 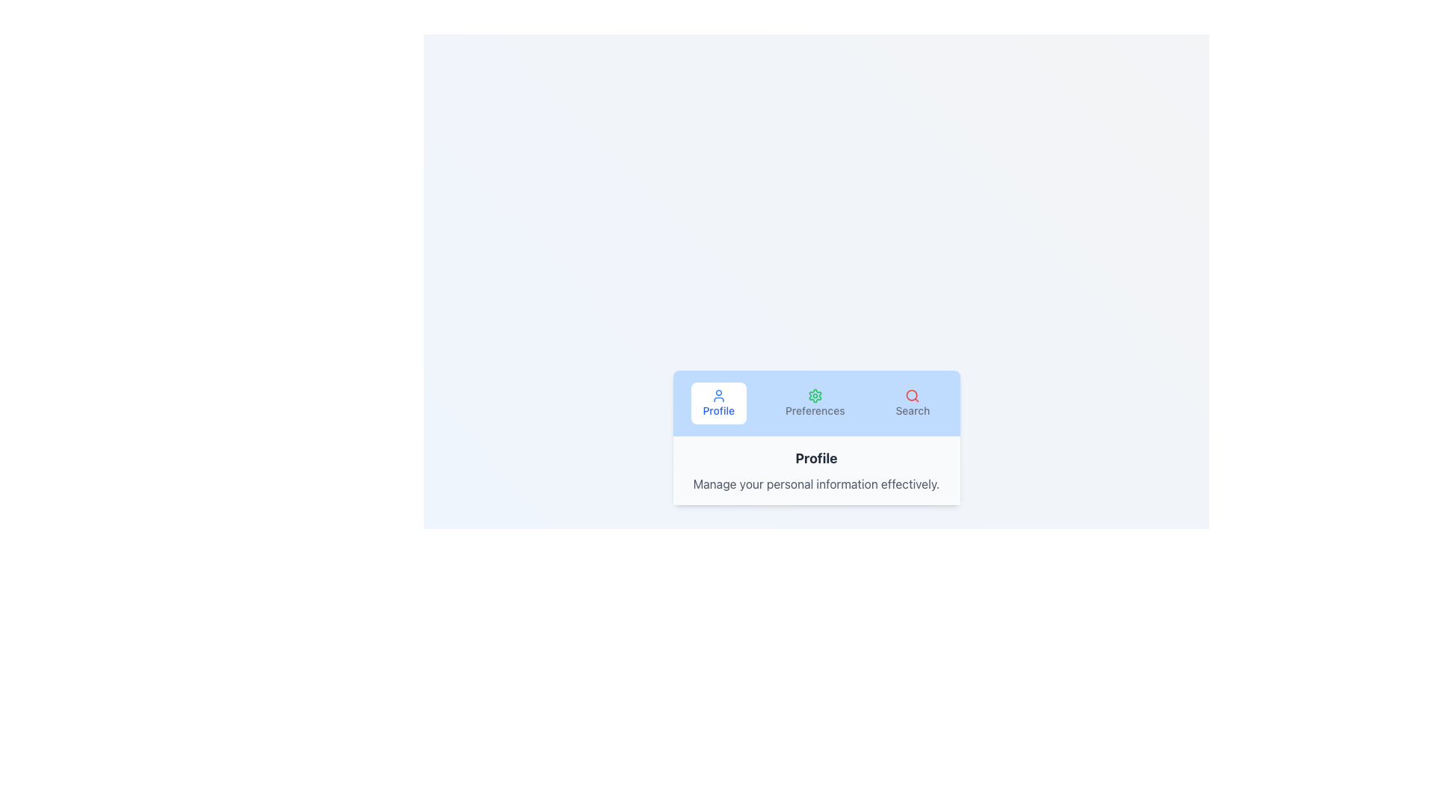 I want to click on the rightmost button in the horizontally aligned button group, so click(x=912, y=403).